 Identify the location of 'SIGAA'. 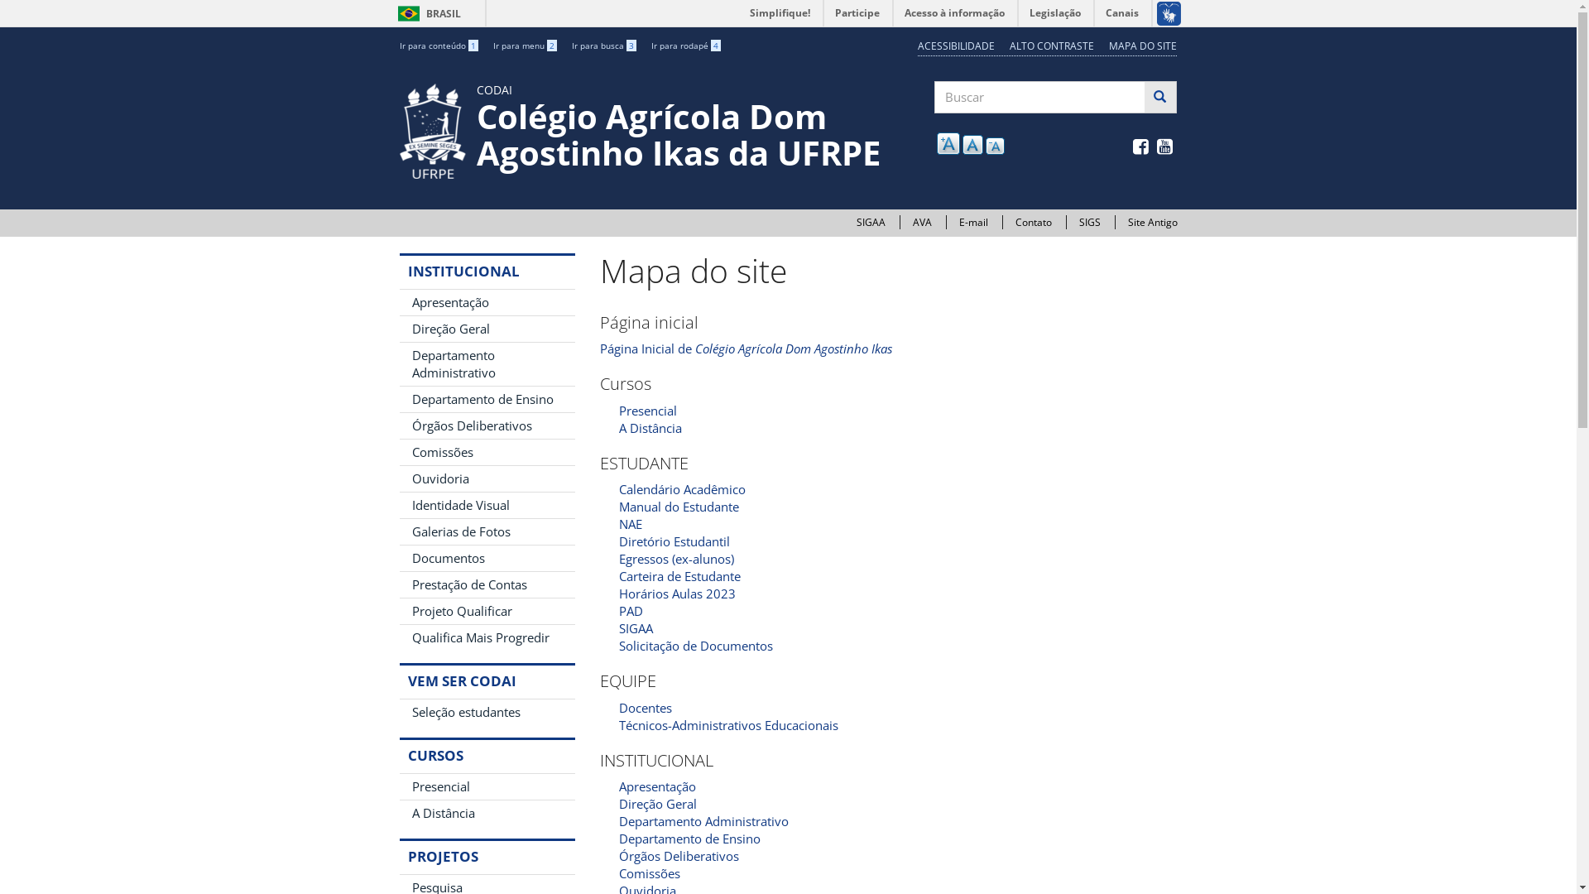
(855, 221).